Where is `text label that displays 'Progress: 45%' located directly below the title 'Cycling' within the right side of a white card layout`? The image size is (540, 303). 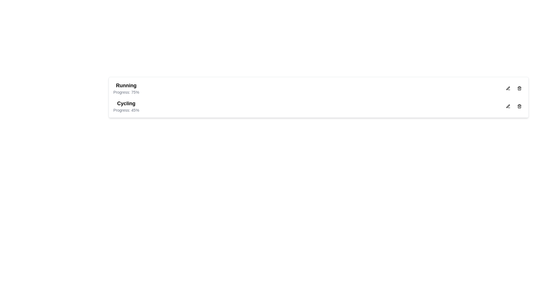 text label that displays 'Progress: 45%' located directly below the title 'Cycling' within the right side of a white card layout is located at coordinates (126, 110).